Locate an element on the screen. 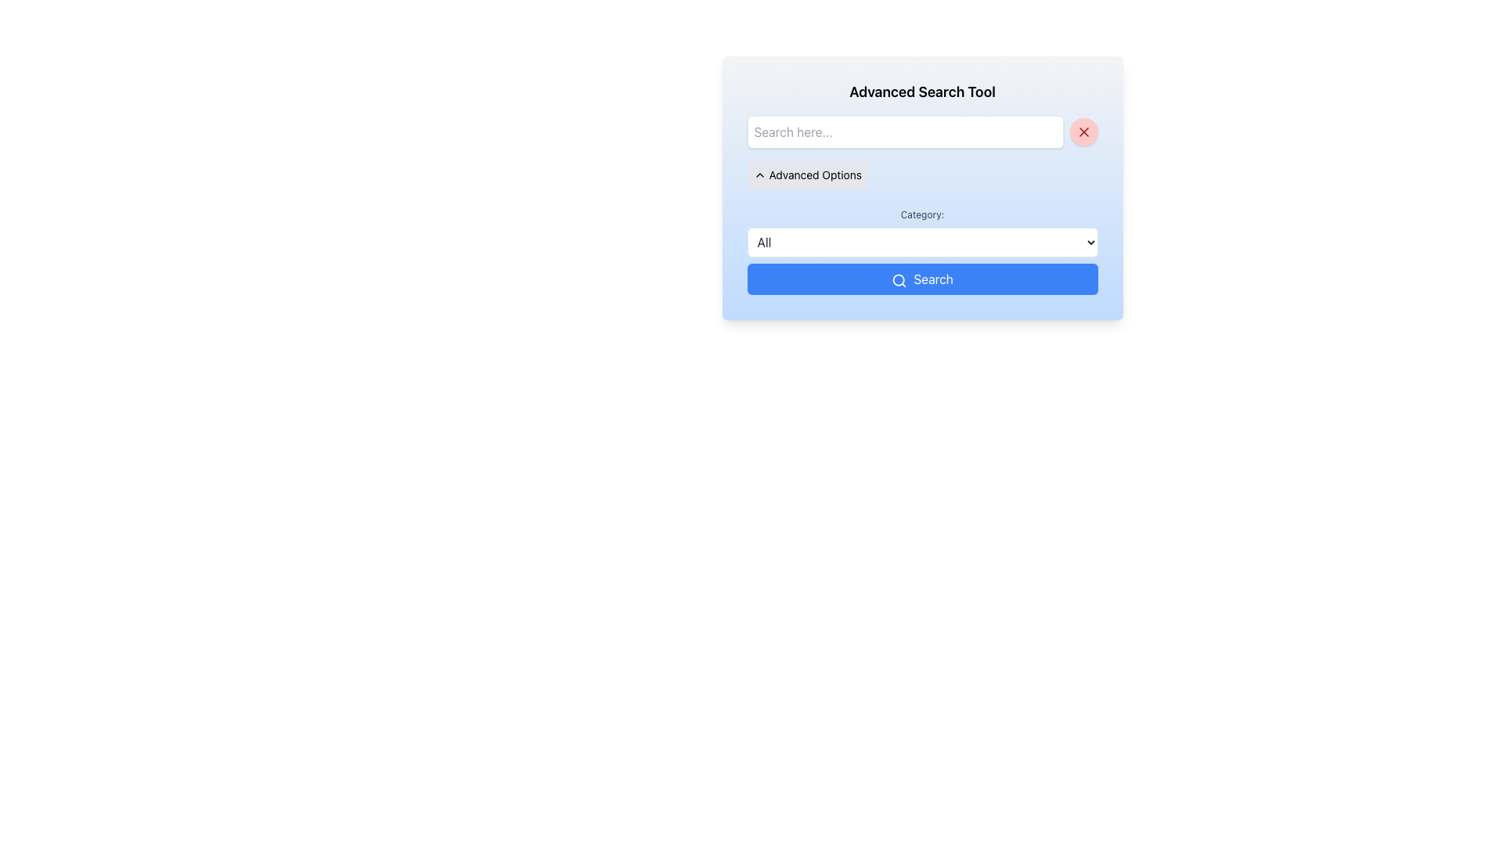  the close or clear icon located in the top-right corner of the input box to clear the search is located at coordinates (1083, 131).